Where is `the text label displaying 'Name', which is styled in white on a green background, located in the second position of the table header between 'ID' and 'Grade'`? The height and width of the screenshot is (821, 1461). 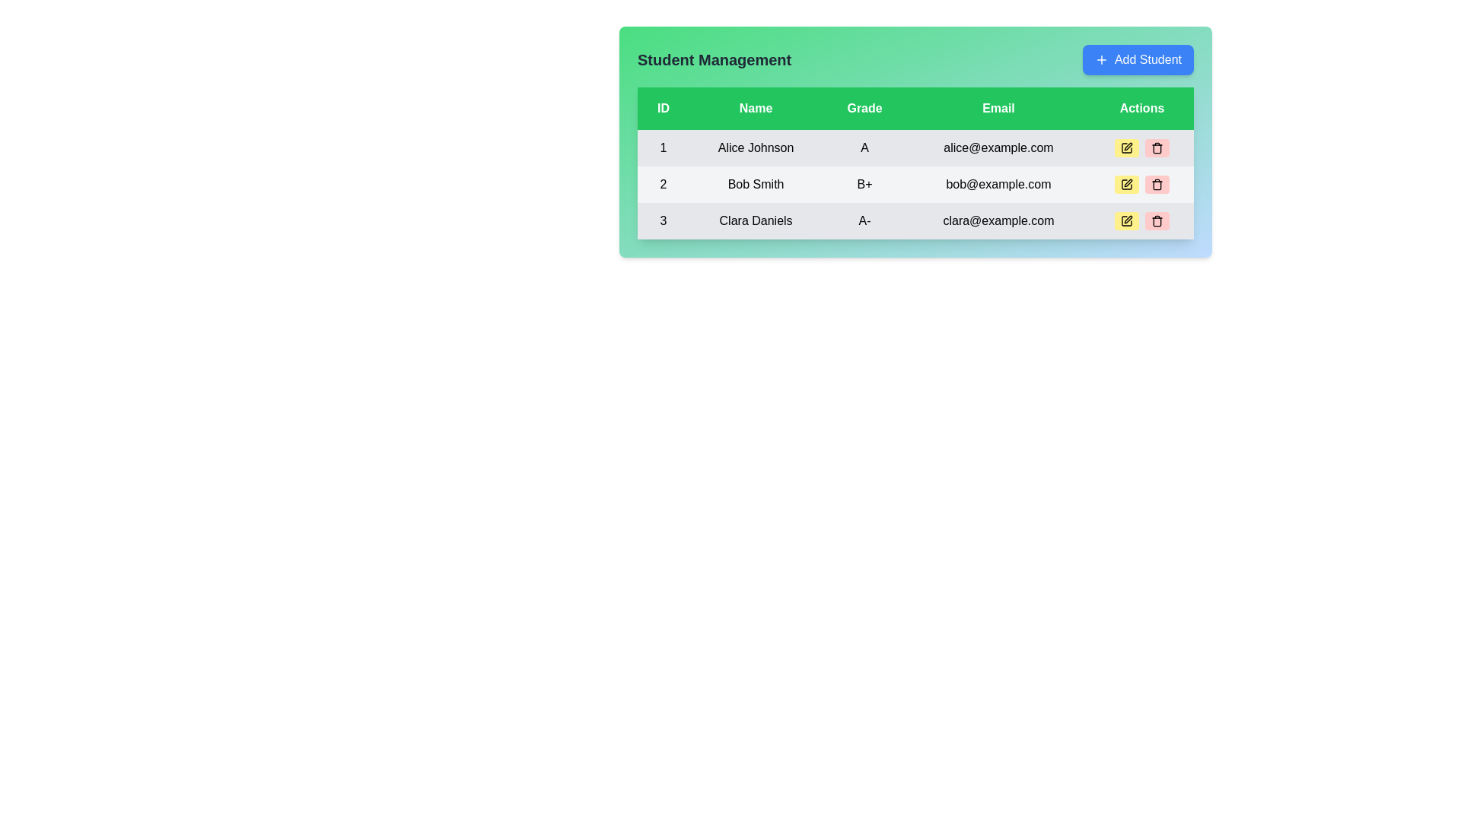 the text label displaying 'Name', which is styled in white on a green background, located in the second position of the table header between 'ID' and 'Grade' is located at coordinates (756, 107).